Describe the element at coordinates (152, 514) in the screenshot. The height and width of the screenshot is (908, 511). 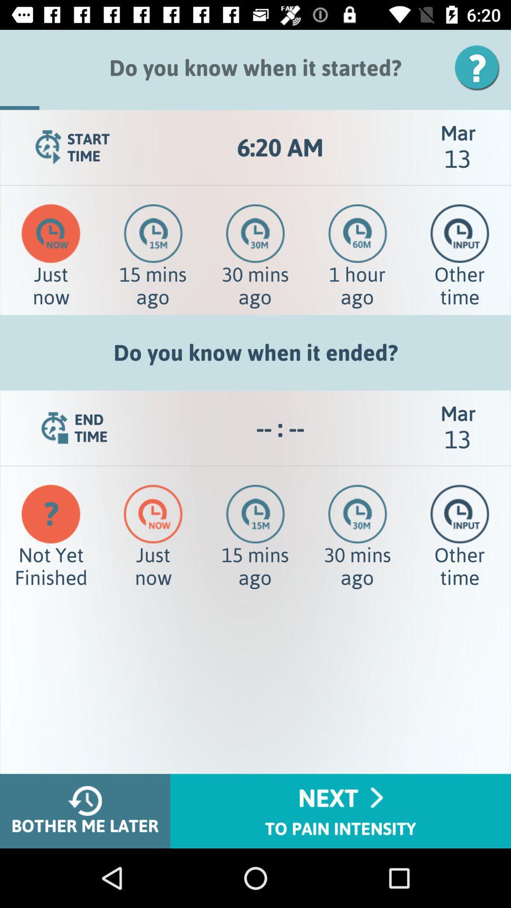
I see `the time icon` at that location.